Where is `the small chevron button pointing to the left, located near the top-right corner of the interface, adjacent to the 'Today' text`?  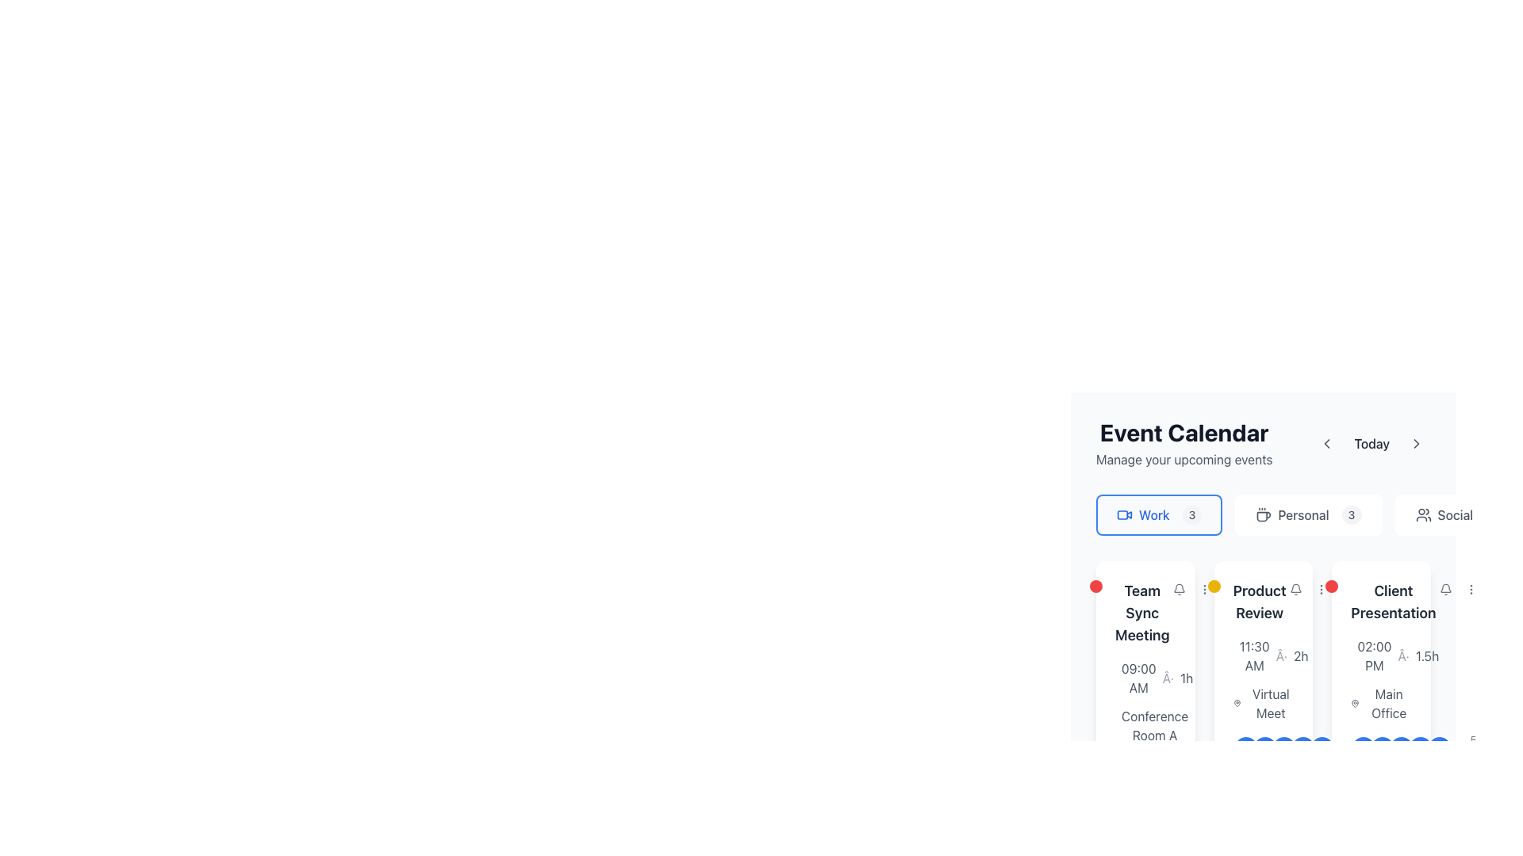 the small chevron button pointing to the left, located near the top-right corner of the interface, adjacent to the 'Today' text is located at coordinates (1327, 443).